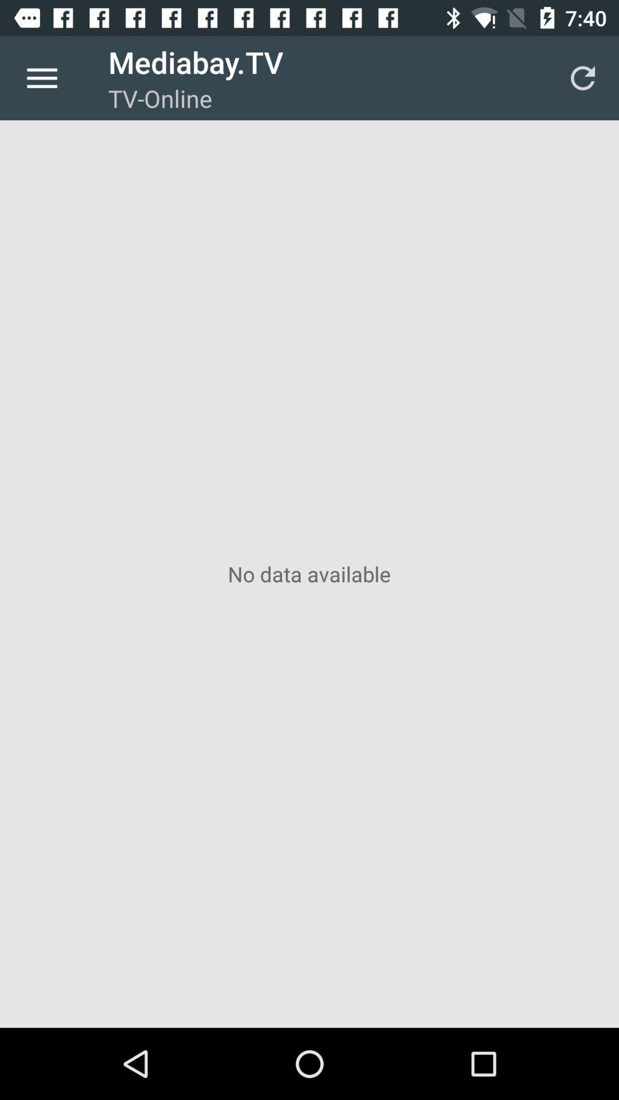  I want to click on the item at the top right corner, so click(583, 77).